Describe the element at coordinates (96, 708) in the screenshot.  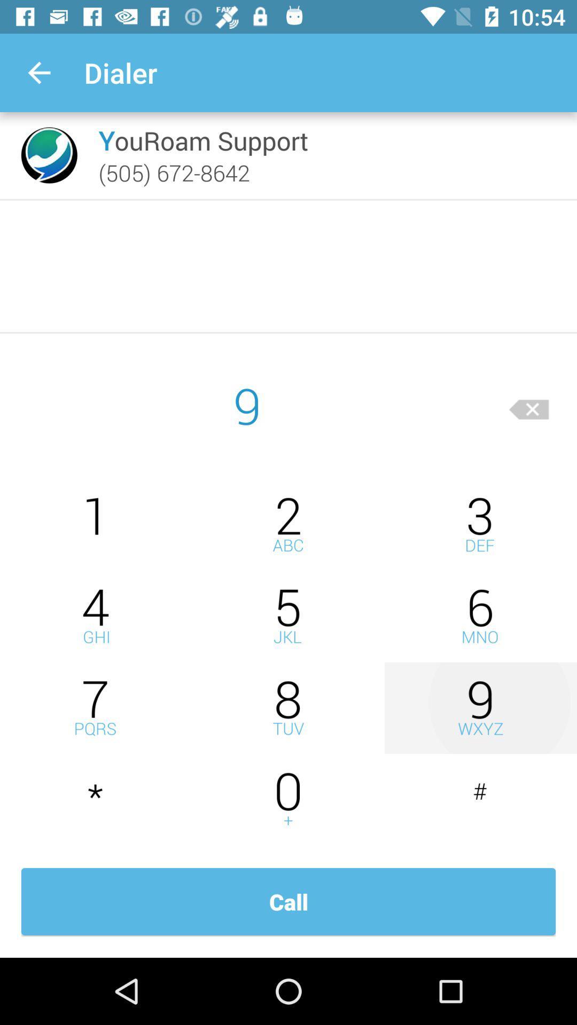
I see `dail 7` at that location.